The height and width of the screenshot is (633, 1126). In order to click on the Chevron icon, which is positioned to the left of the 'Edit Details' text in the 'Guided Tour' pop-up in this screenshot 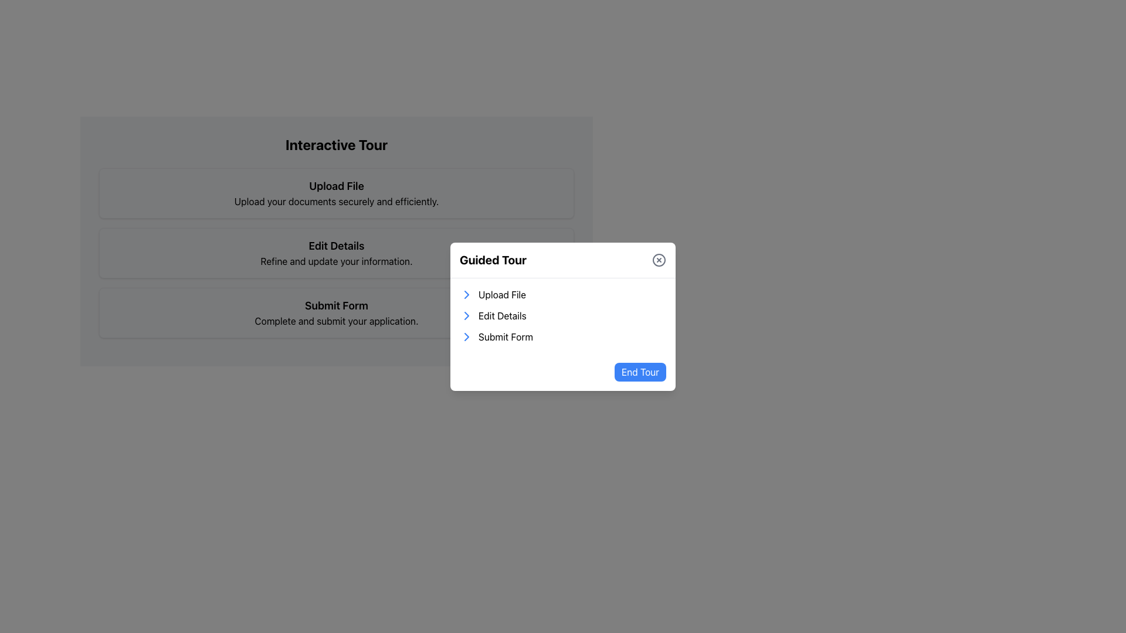, I will do `click(466, 314)`.